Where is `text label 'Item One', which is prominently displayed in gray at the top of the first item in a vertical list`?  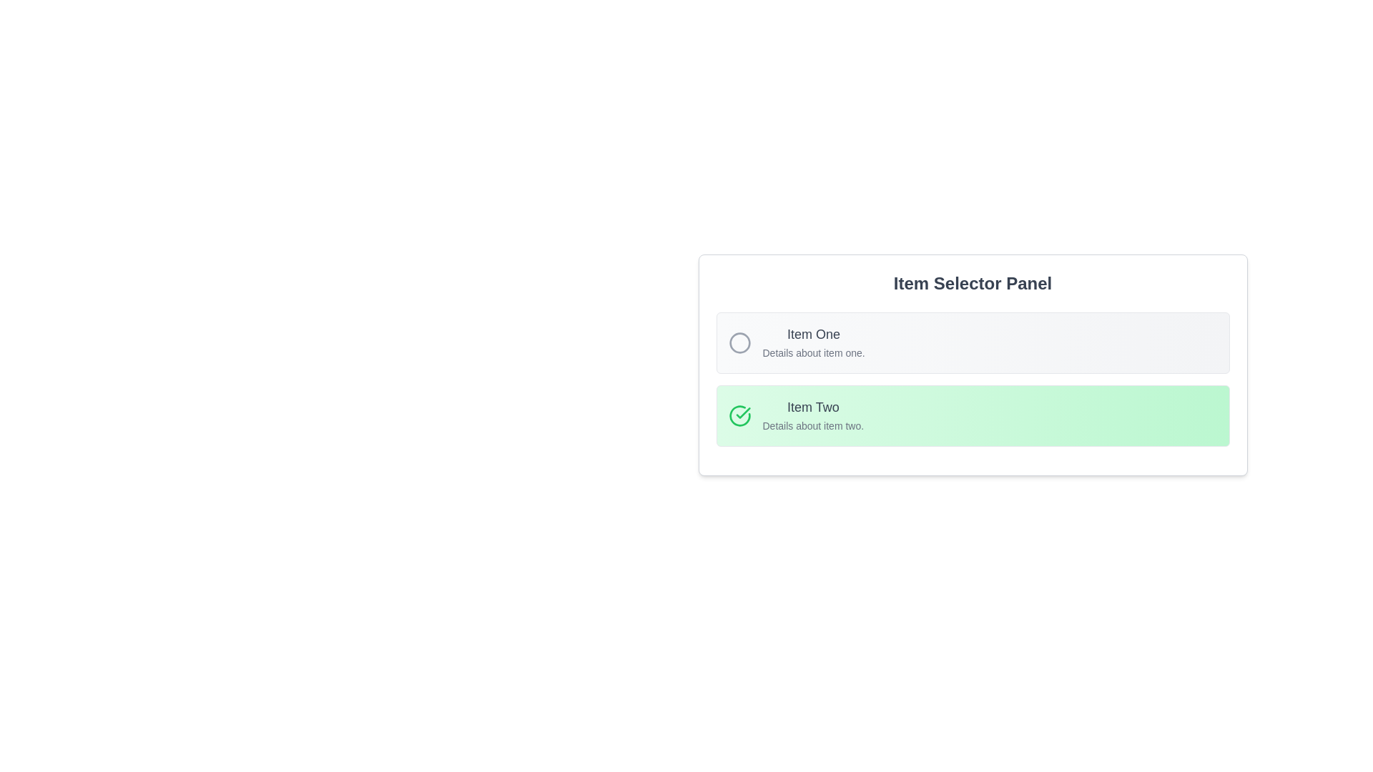 text label 'Item One', which is prominently displayed in gray at the top of the first item in a vertical list is located at coordinates (814, 334).